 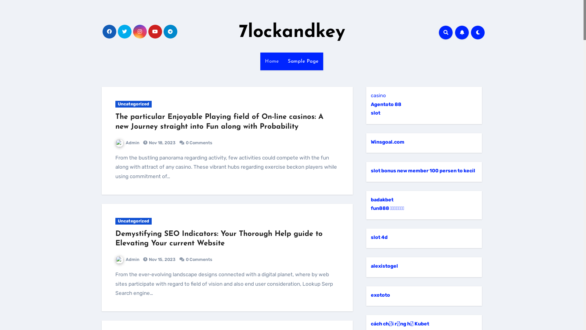 I want to click on 'exototo', so click(x=370, y=295).